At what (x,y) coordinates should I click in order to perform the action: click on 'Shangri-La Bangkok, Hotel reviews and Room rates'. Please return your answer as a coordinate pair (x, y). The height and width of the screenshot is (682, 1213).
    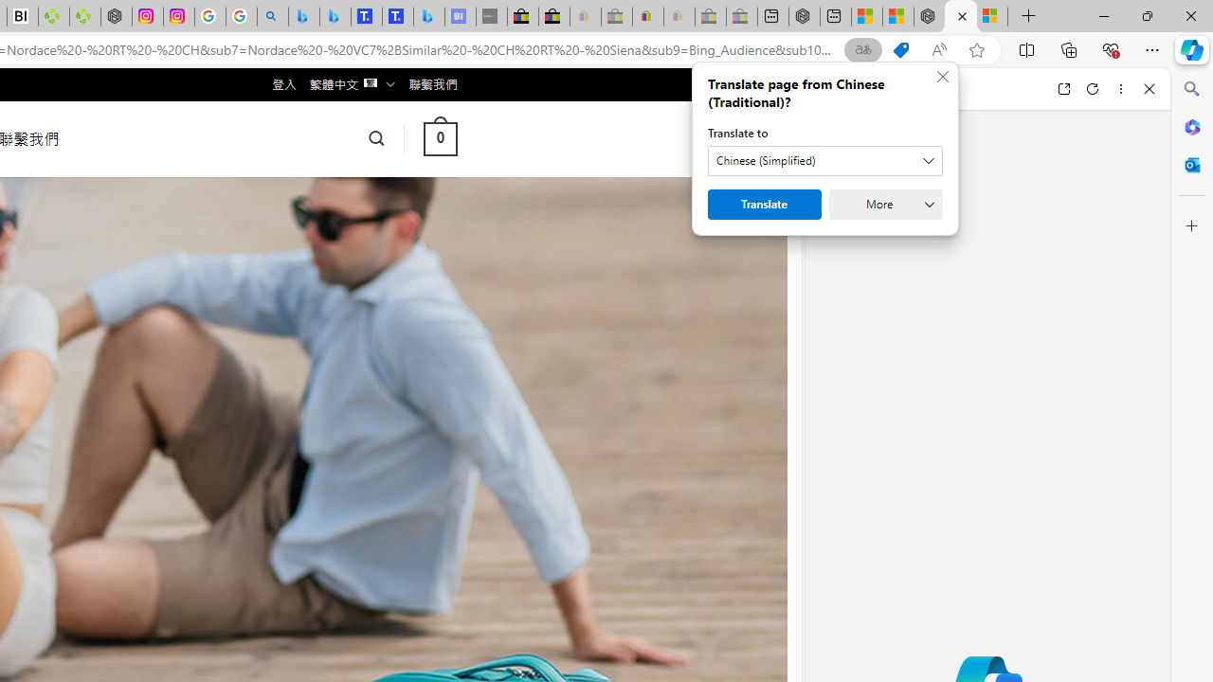
    Looking at the image, I should click on (397, 16).